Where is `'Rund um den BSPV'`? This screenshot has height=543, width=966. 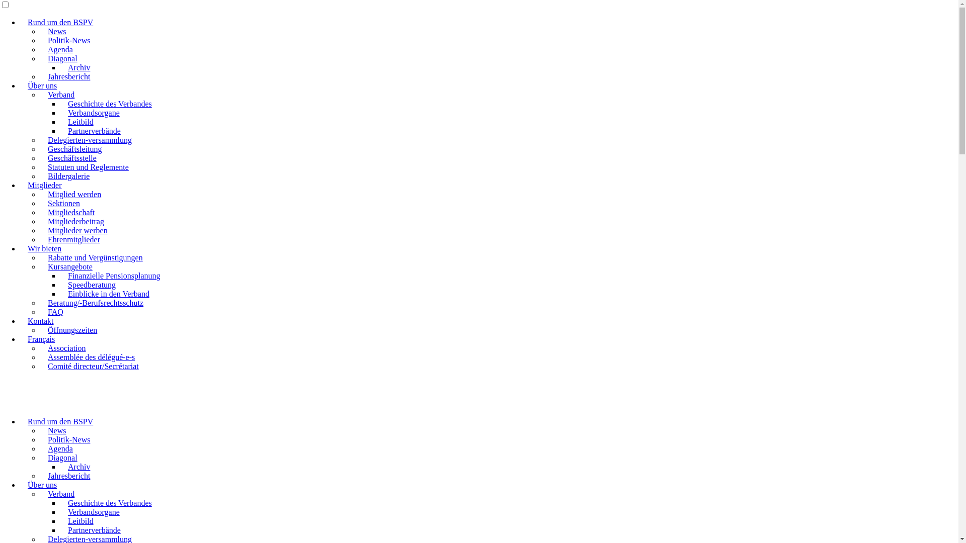
'Rund um den BSPV' is located at coordinates (60, 22).